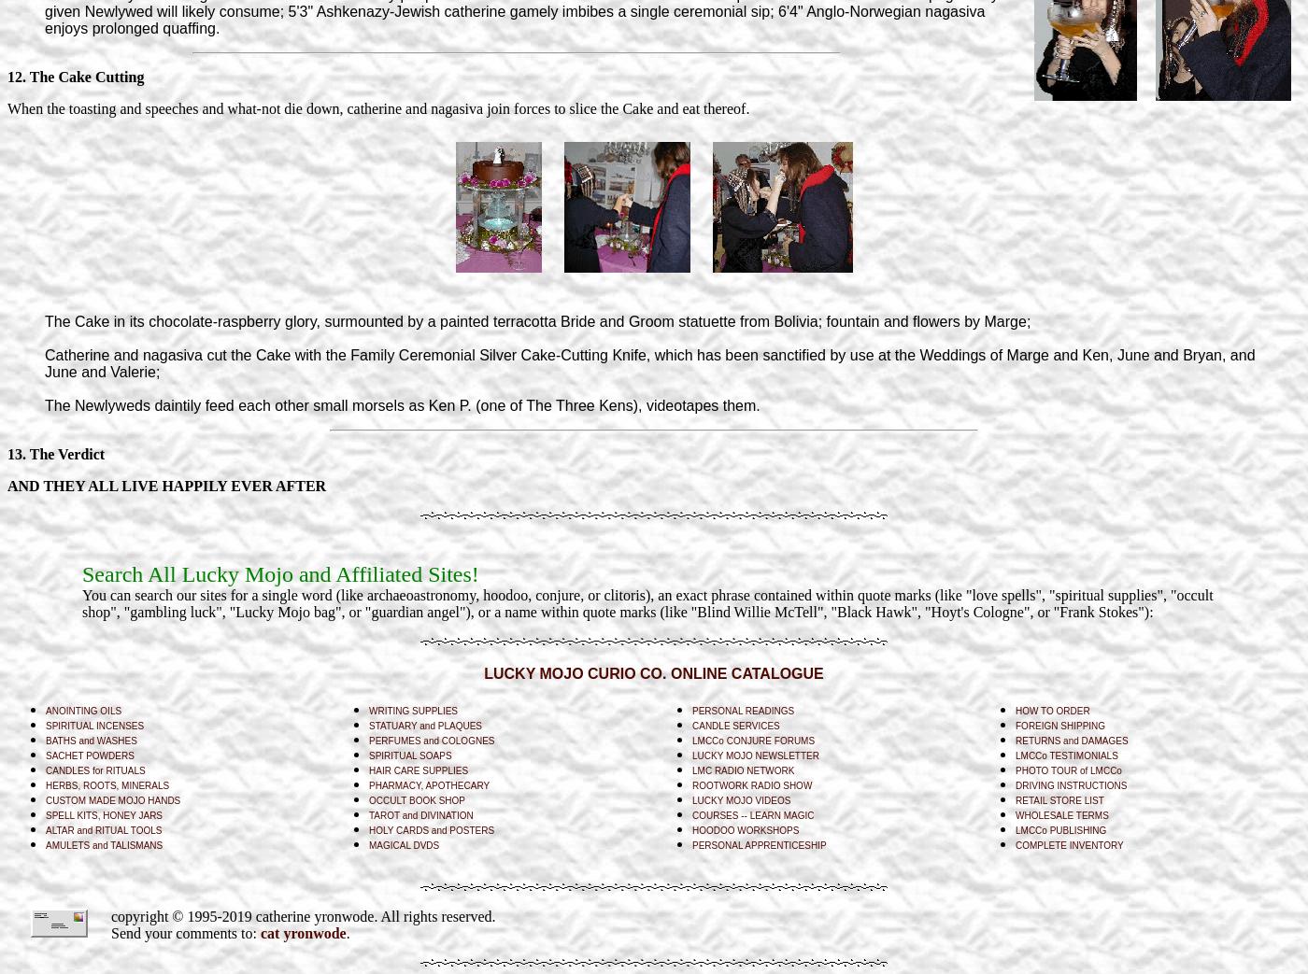 This screenshot has height=974, width=1308. Describe the element at coordinates (45, 362) in the screenshot. I see `'Catherine and nagasiva cut the Cake with the Family
Ceremonial Silver Cake-Cutting Knife, which has been
sanctified by use at the Weddings of Marge and Ken, June
and Bryan, and June and Valerie;'` at that location.